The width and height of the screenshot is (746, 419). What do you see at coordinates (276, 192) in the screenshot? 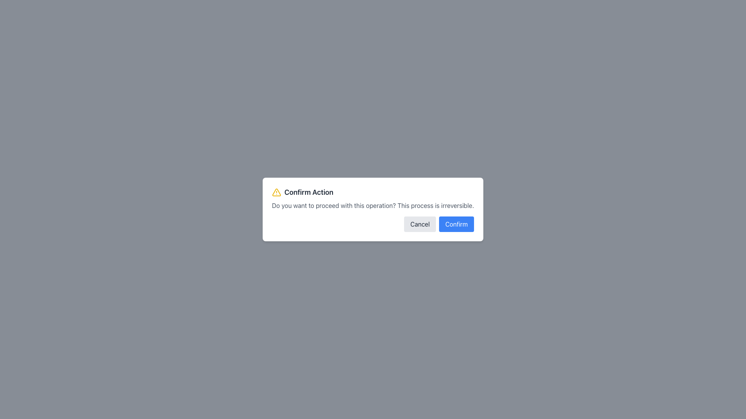
I see `the warning icon located to the left of the title text 'Confirm Action' in the modal dialog box` at bounding box center [276, 192].